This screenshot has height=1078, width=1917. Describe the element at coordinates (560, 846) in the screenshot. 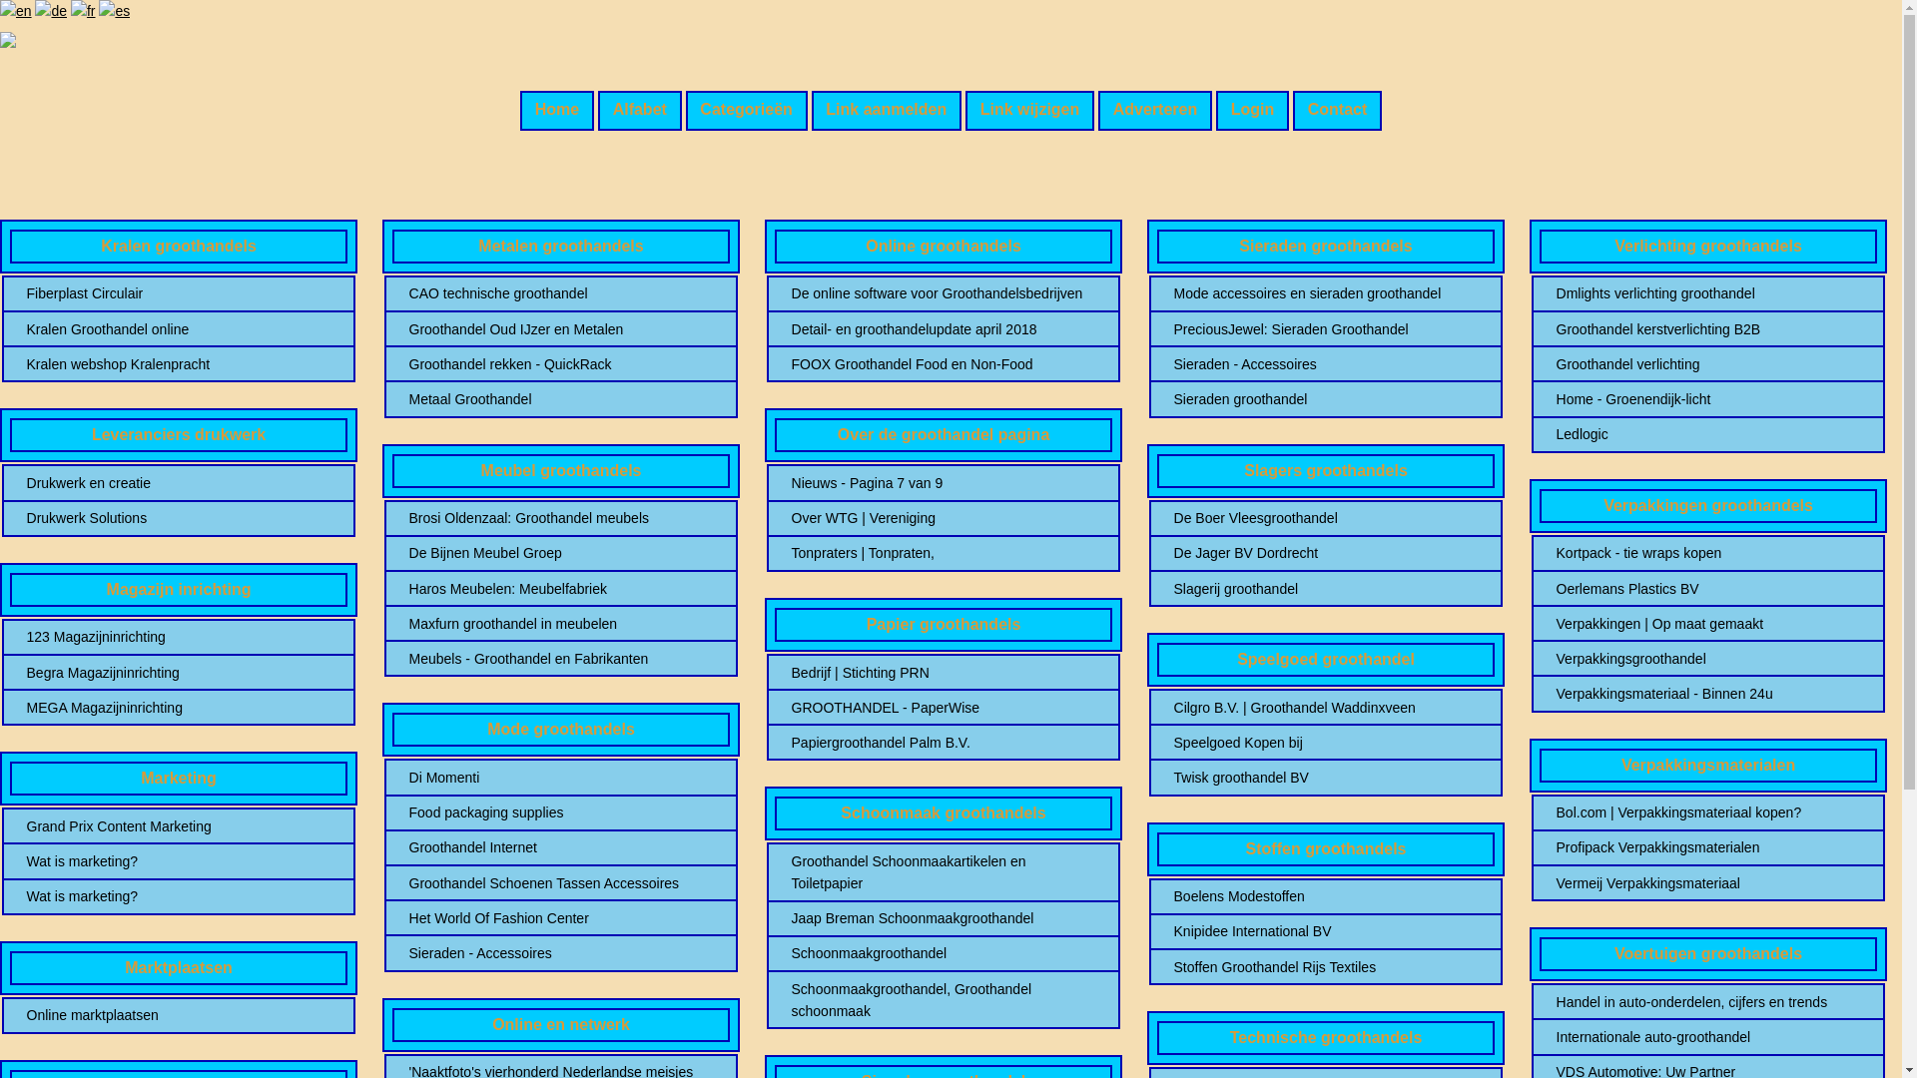

I see `'Groothandel Internet'` at that location.